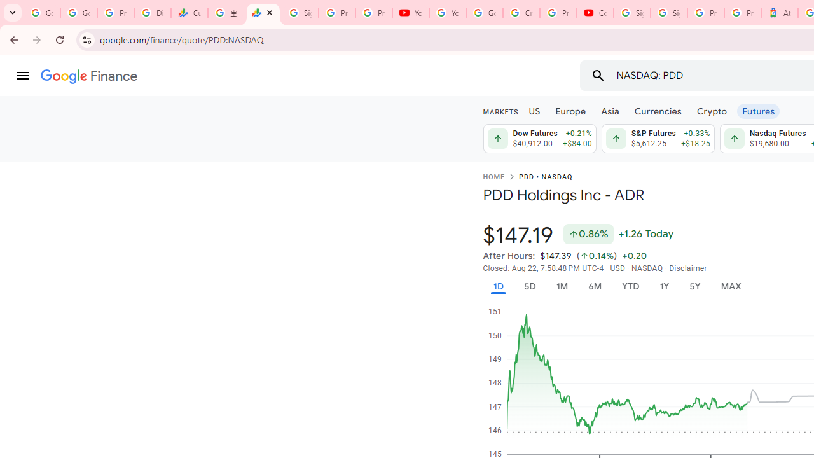 This screenshot has height=458, width=814. What do you see at coordinates (609, 110) in the screenshot?
I see `'Asia'` at bounding box center [609, 110].